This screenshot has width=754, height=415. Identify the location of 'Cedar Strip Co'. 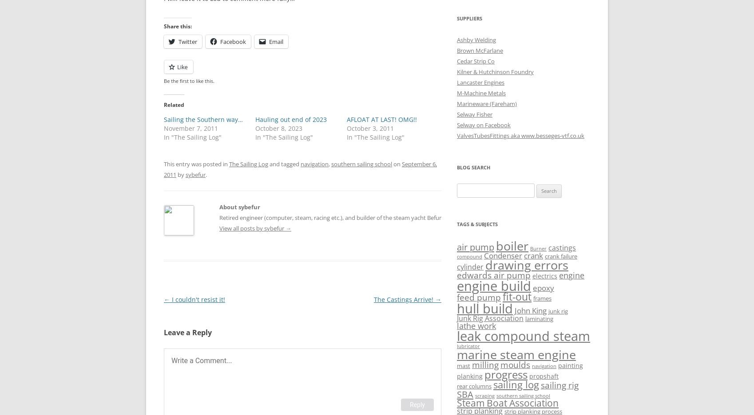
(476, 61).